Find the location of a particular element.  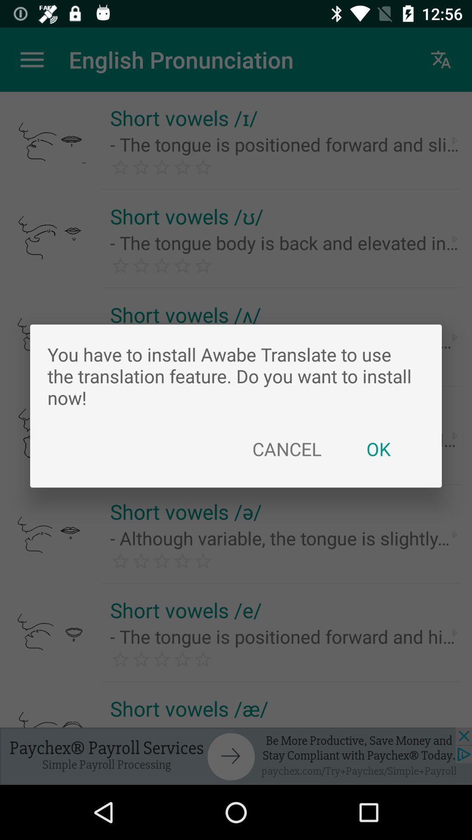

the symbol which is right to english pronunciation is located at coordinates (441, 59).